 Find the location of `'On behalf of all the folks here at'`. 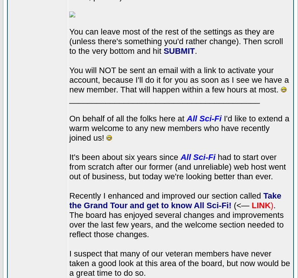

'On behalf of all the folks here at' is located at coordinates (128, 118).